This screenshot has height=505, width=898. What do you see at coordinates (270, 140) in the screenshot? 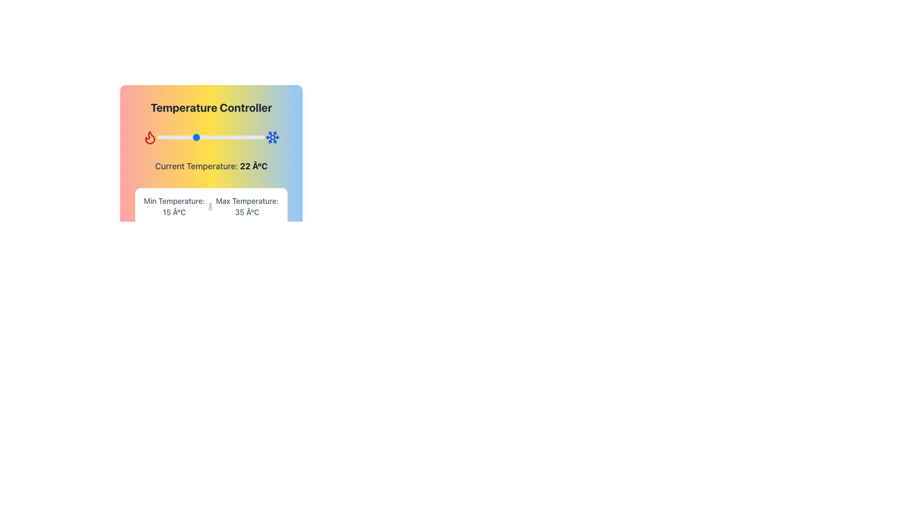
I see `the snowflake icon representing cooling in the temperature control widget located at the top right corner` at bounding box center [270, 140].